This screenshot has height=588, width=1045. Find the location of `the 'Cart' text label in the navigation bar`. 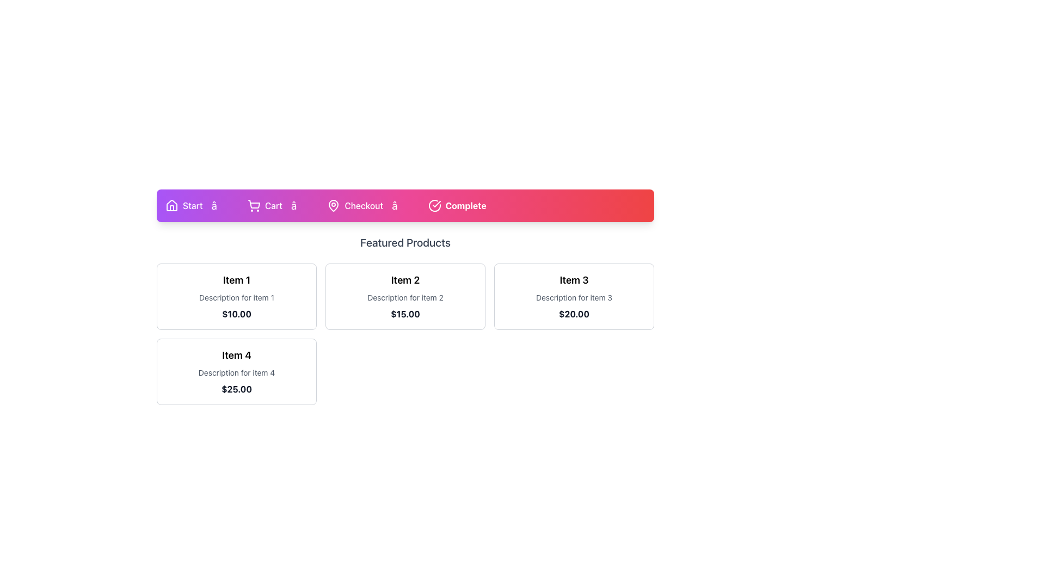

the 'Cart' text label in the navigation bar is located at coordinates (273, 206).